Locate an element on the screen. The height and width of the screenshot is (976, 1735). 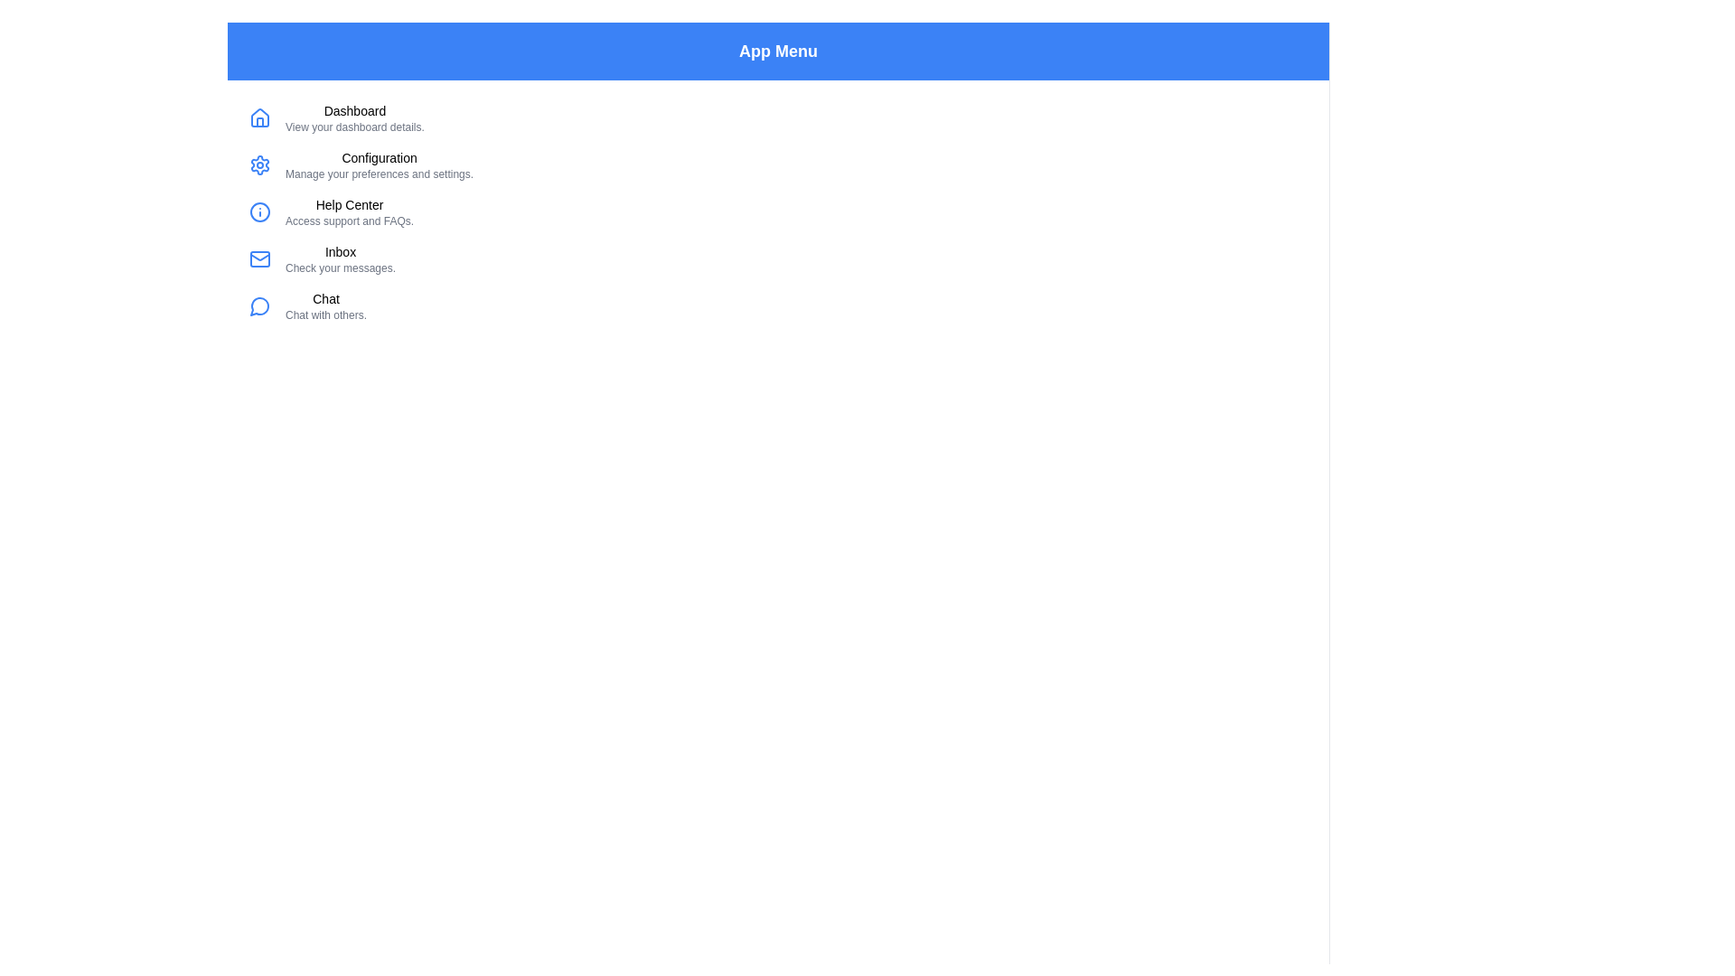
the information icon, which is a circular SVG icon with a blue outline, located to the left of the 'Help Center' text in the menu is located at coordinates (259, 211).